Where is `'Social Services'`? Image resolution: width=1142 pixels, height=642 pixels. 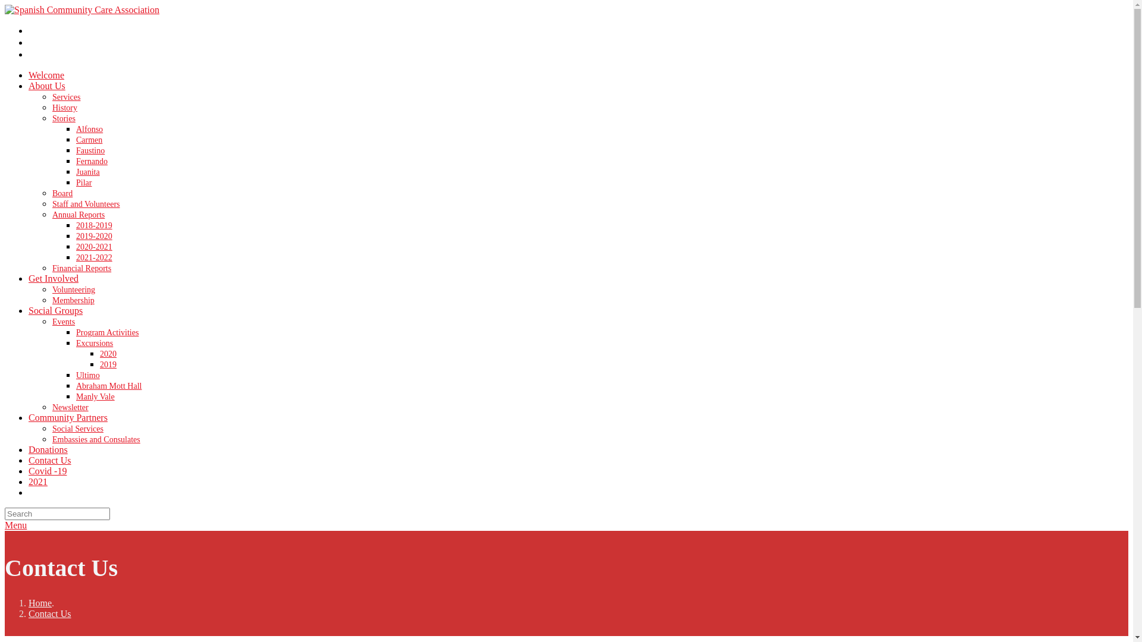
'Social Services' is located at coordinates (51, 429).